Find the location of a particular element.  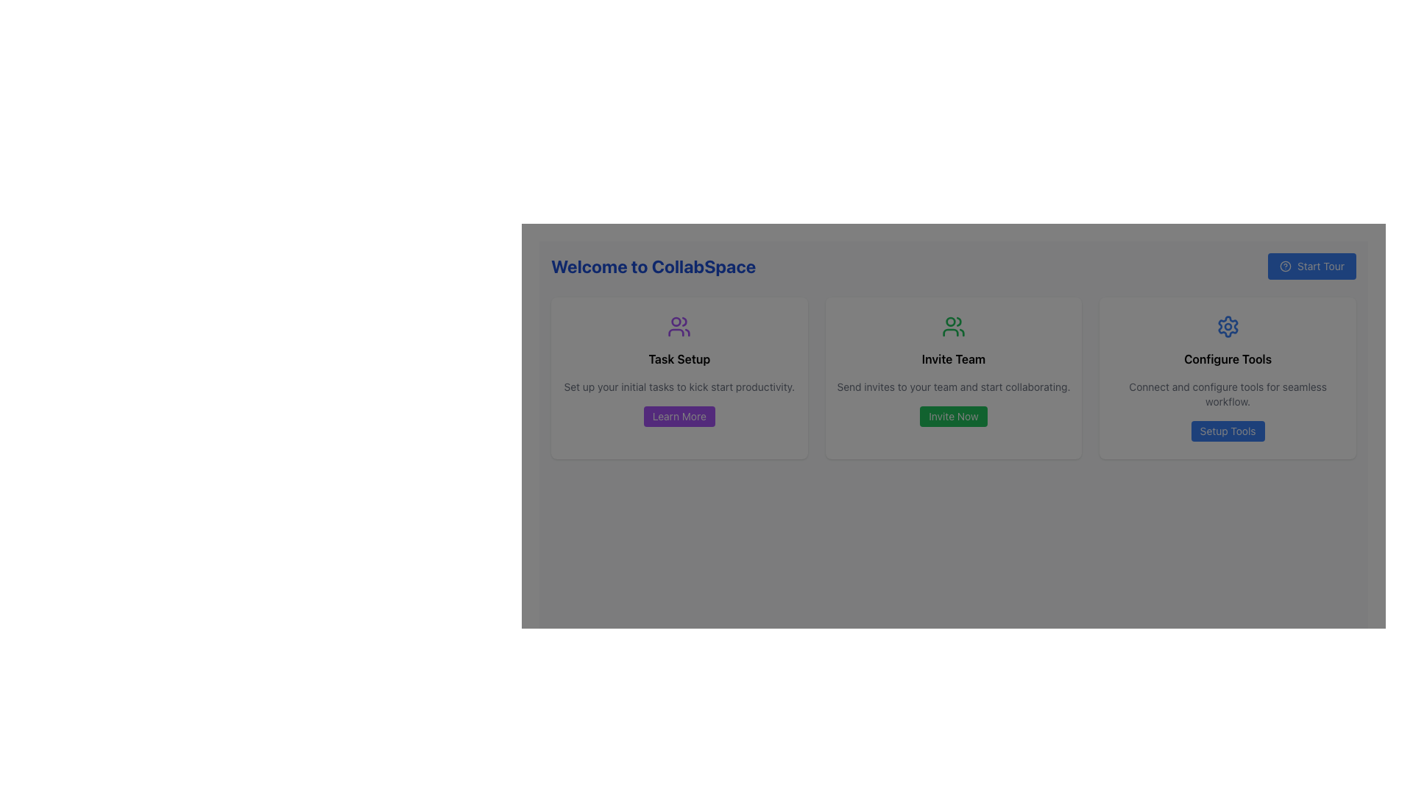

the static text label that provides information about the 'Task Setup' section, located between the 'Task Setup' title and the 'Learn More' button is located at coordinates (679, 386).